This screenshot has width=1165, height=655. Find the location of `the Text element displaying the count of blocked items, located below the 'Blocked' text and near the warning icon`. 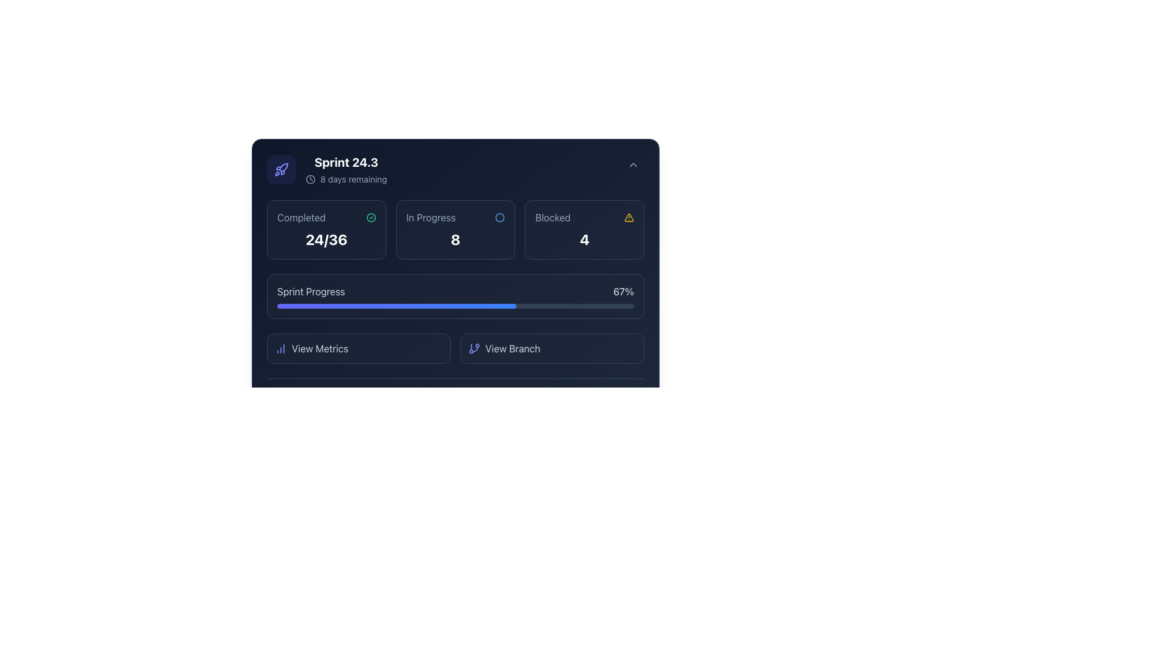

the Text element displaying the count of blocked items, located below the 'Blocked' text and near the warning icon is located at coordinates (584, 239).